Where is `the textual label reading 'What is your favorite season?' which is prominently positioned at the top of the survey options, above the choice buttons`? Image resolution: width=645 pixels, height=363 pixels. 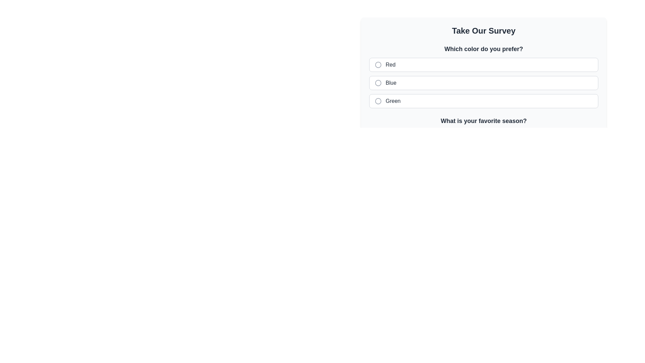
the textual label reading 'What is your favorite season?' which is prominently positioned at the top of the survey options, above the choice buttons is located at coordinates (484, 120).